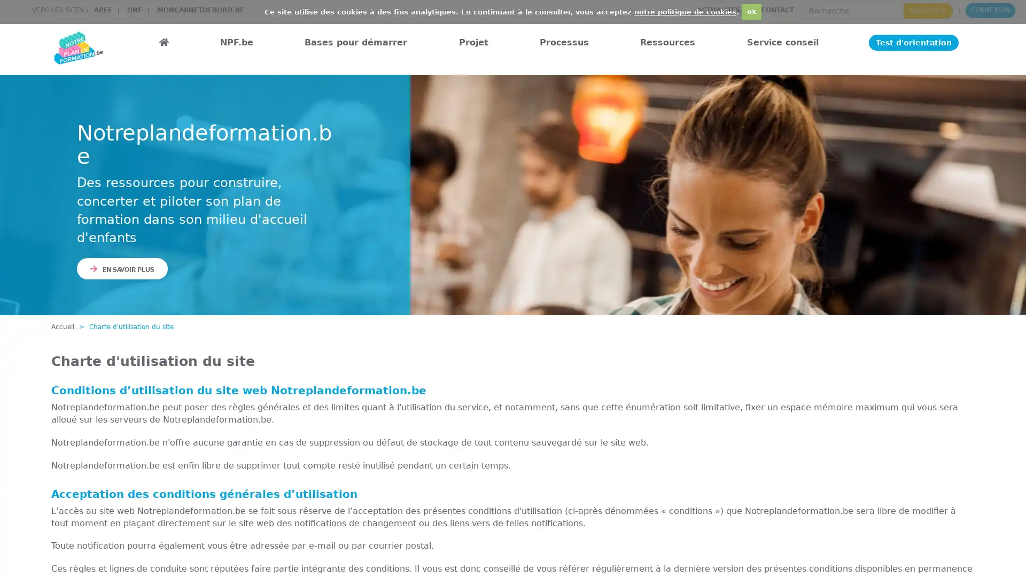 Image resolution: width=1026 pixels, height=577 pixels. What do you see at coordinates (928, 10) in the screenshot?
I see `Rechercher` at bounding box center [928, 10].